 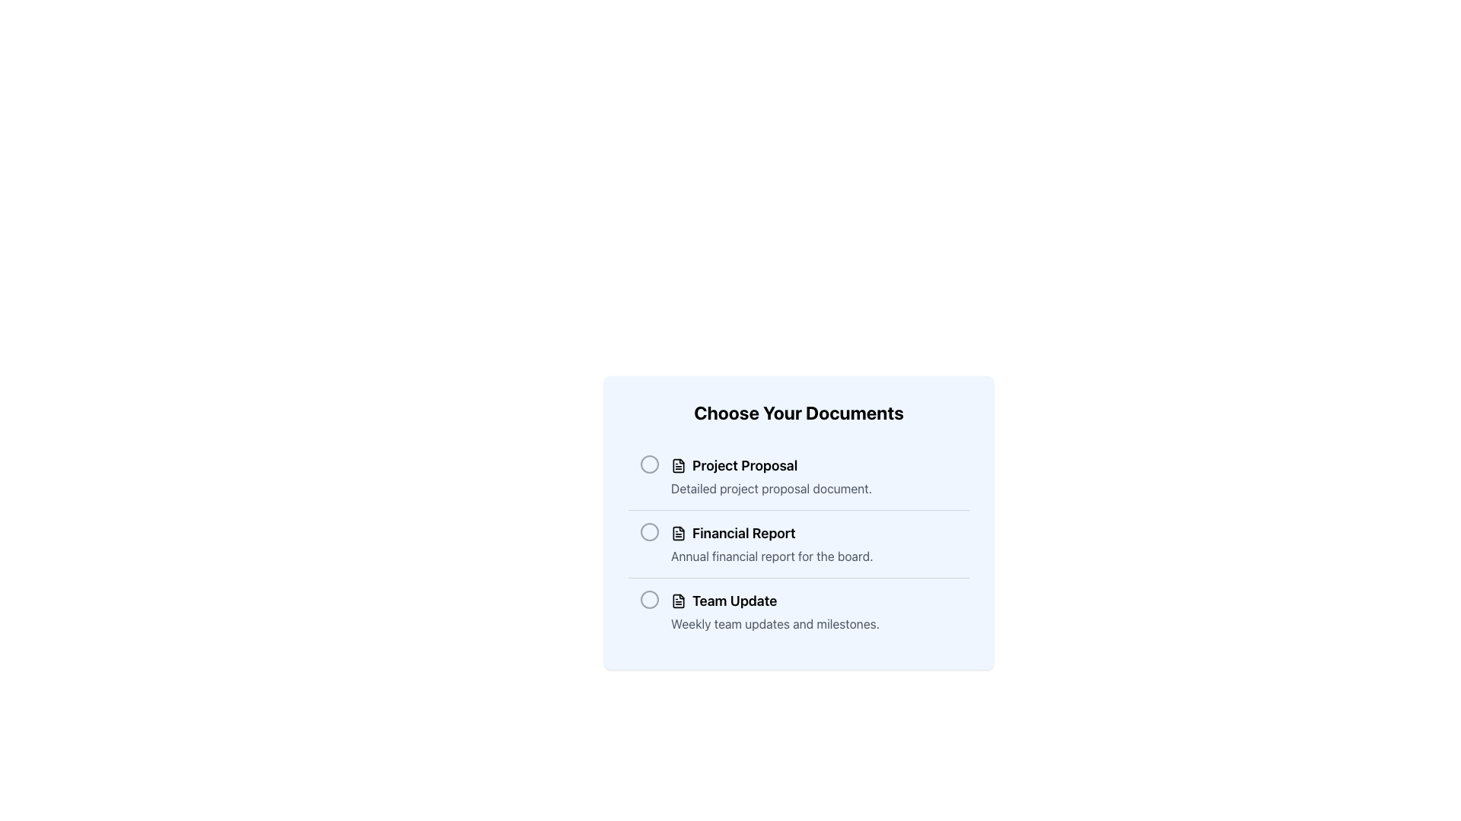 I want to click on the 'Financial Report' list item, which is the middle item in a vertical list of document options, so click(x=798, y=544).